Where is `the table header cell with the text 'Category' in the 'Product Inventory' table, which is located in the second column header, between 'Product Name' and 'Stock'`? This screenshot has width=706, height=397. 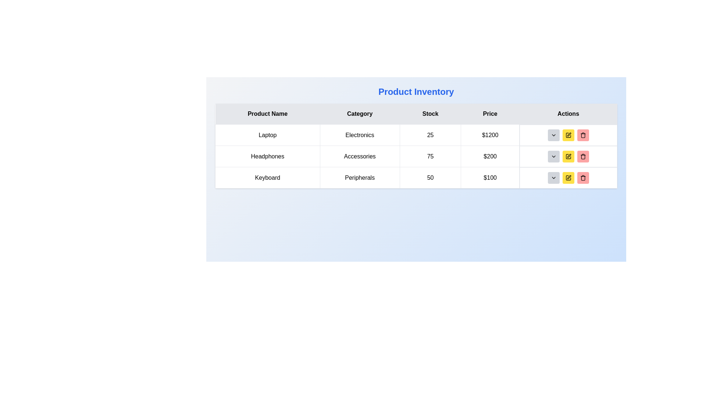
the table header cell with the text 'Category' in the 'Product Inventory' table, which is located in the second column header, between 'Product Name' and 'Stock' is located at coordinates (360, 114).